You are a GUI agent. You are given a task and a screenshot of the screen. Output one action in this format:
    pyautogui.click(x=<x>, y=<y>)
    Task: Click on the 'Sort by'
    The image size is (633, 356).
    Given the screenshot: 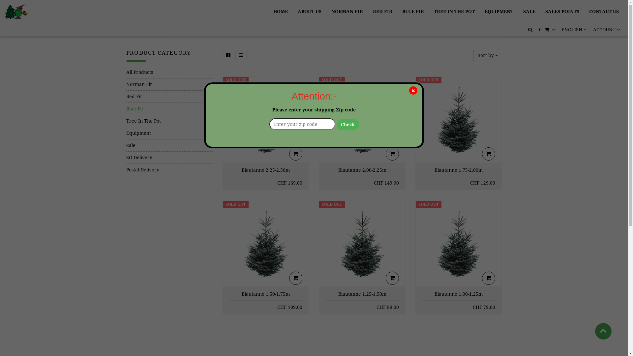 What is the action you would take?
    pyautogui.click(x=488, y=55)
    